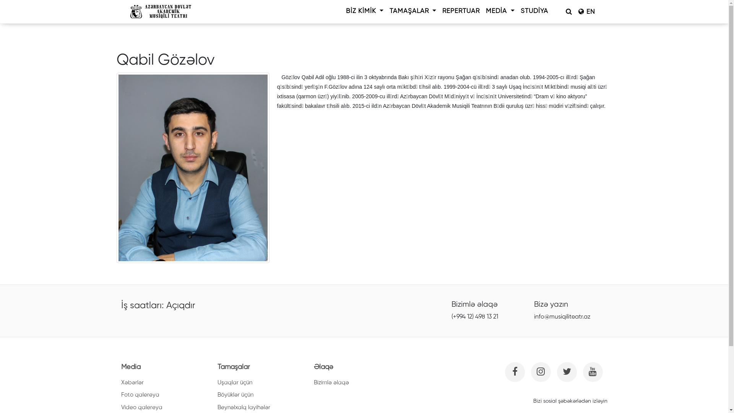 This screenshot has height=413, width=734. I want to click on 'Video qalereya', so click(120, 407).